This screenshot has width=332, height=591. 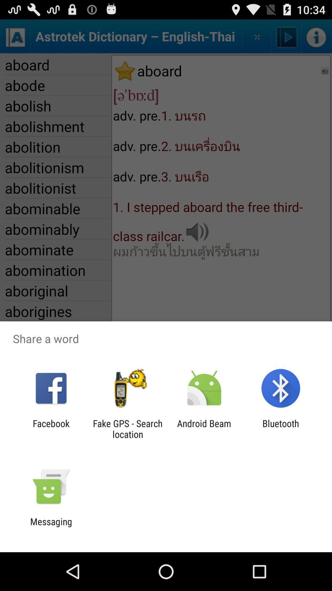 What do you see at coordinates (51, 428) in the screenshot?
I see `the app next to the fake gps search item` at bounding box center [51, 428].